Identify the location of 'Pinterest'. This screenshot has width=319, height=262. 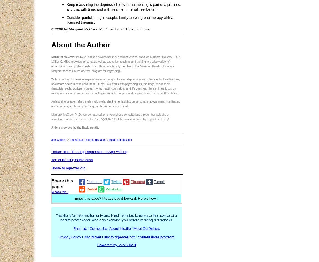
(138, 181).